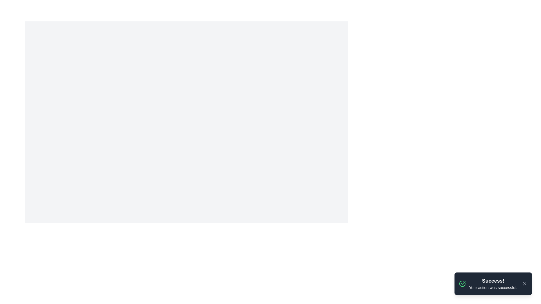 Image resolution: width=541 pixels, height=304 pixels. Describe the element at coordinates (493, 288) in the screenshot. I see `the confirmation text displayed beneath the heading 'Success!' in the notification box` at that location.